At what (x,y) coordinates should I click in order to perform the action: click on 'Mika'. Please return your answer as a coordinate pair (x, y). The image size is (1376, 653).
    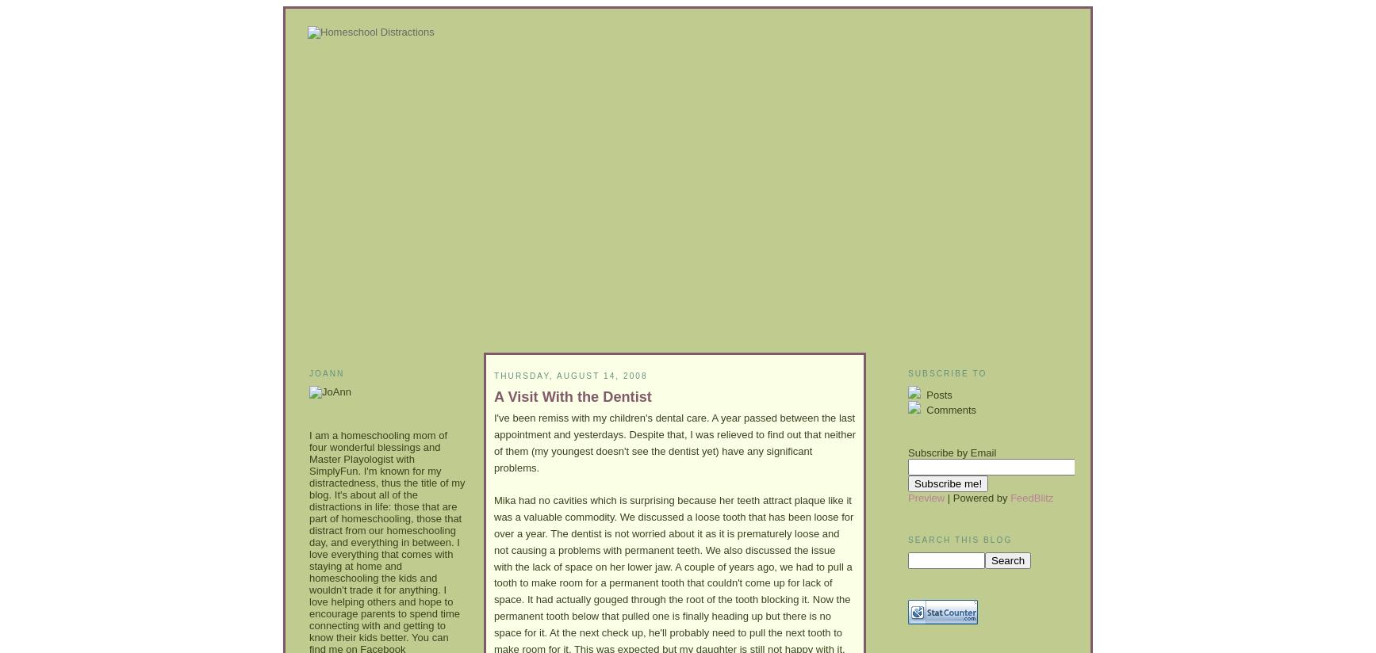
    Looking at the image, I should click on (504, 499).